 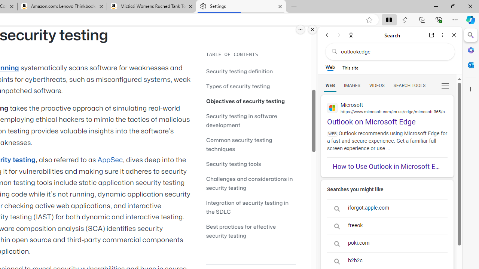 I want to click on 'Security testing tools', so click(x=251, y=163).